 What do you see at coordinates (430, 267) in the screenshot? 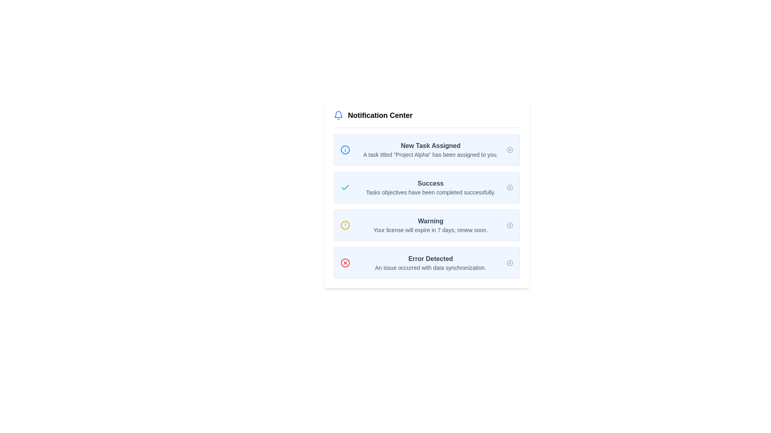
I see `the detailed information text label regarding the error message, positioned at the bottom of the 'Error Detected' notification block` at bounding box center [430, 267].